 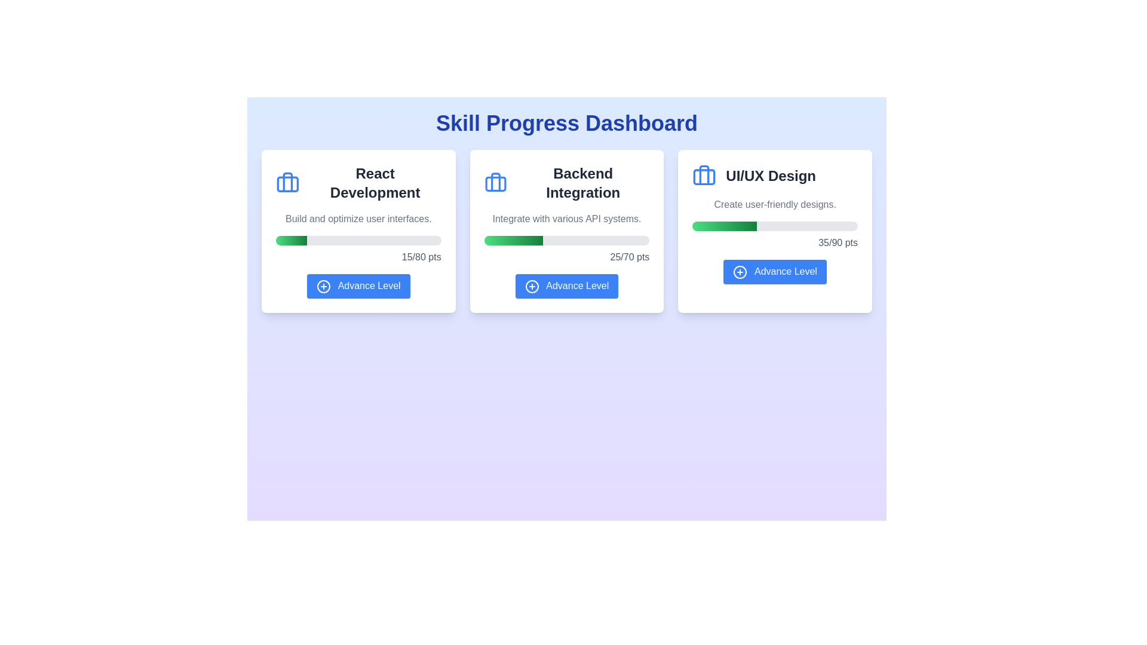 What do you see at coordinates (566, 183) in the screenshot?
I see `assistive technology` at bounding box center [566, 183].